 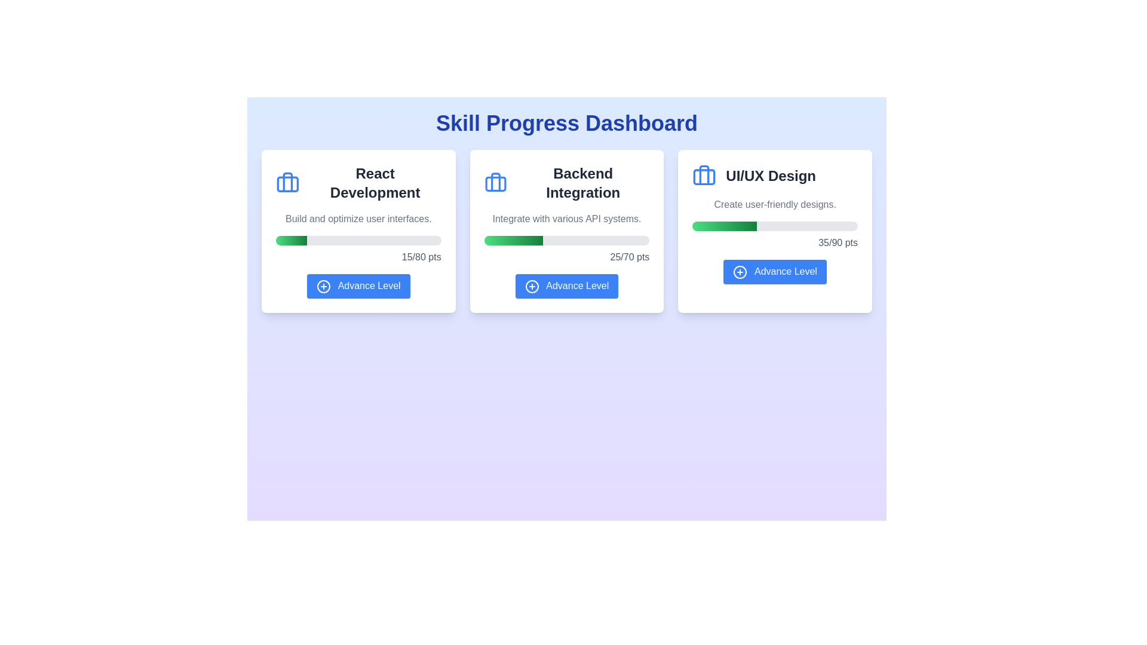 What do you see at coordinates (566, 183) in the screenshot?
I see `assistive technology` at bounding box center [566, 183].